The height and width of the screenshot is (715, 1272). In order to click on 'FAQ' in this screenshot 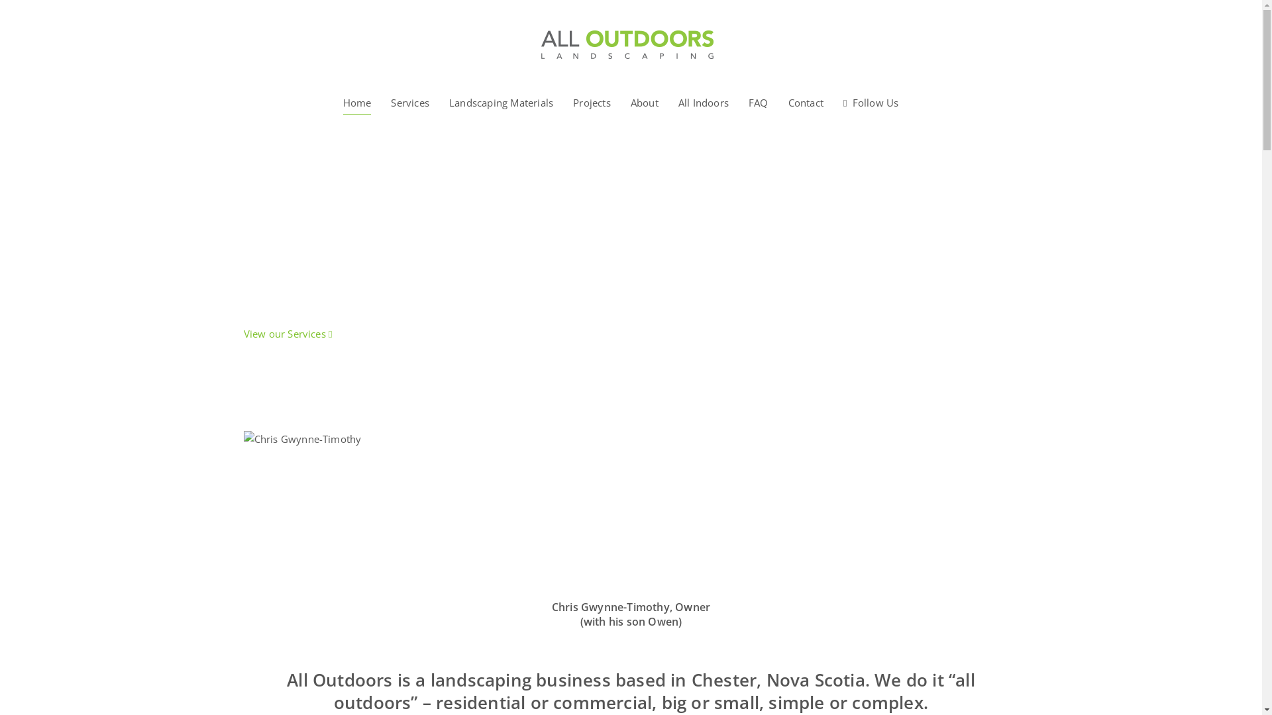, I will do `click(748, 101)`.